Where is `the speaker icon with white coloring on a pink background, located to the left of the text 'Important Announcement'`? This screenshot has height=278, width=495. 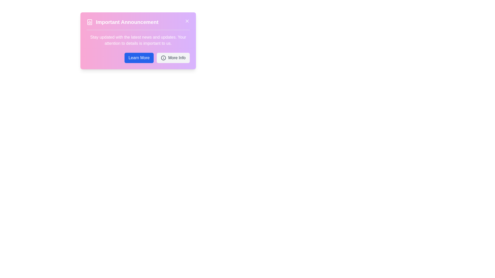 the speaker icon with white coloring on a pink background, located to the left of the text 'Important Announcement' is located at coordinates (89, 22).